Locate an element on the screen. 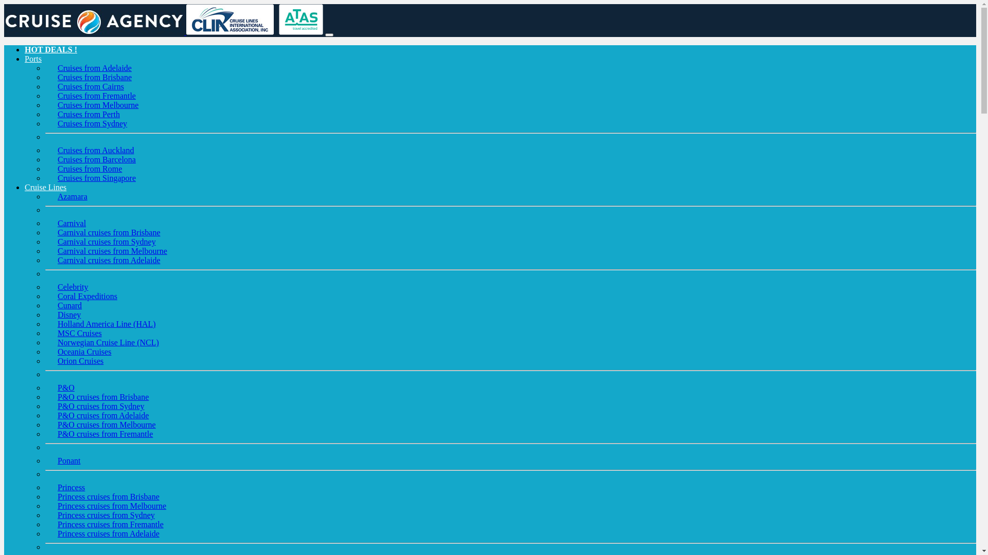 This screenshot has height=555, width=988. 'Cruise Lines' is located at coordinates (25, 187).